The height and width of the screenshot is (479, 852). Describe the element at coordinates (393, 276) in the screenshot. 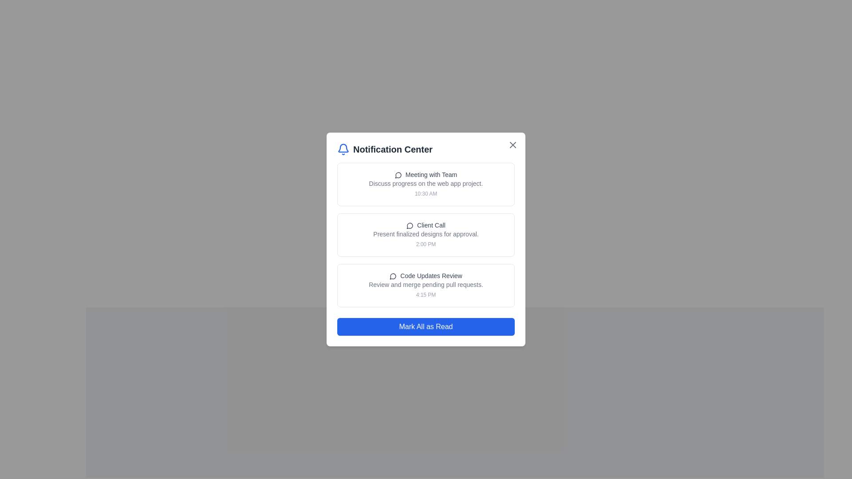

I see `the communication notification icon located to the left of the text 'Code Updates Review'` at that location.